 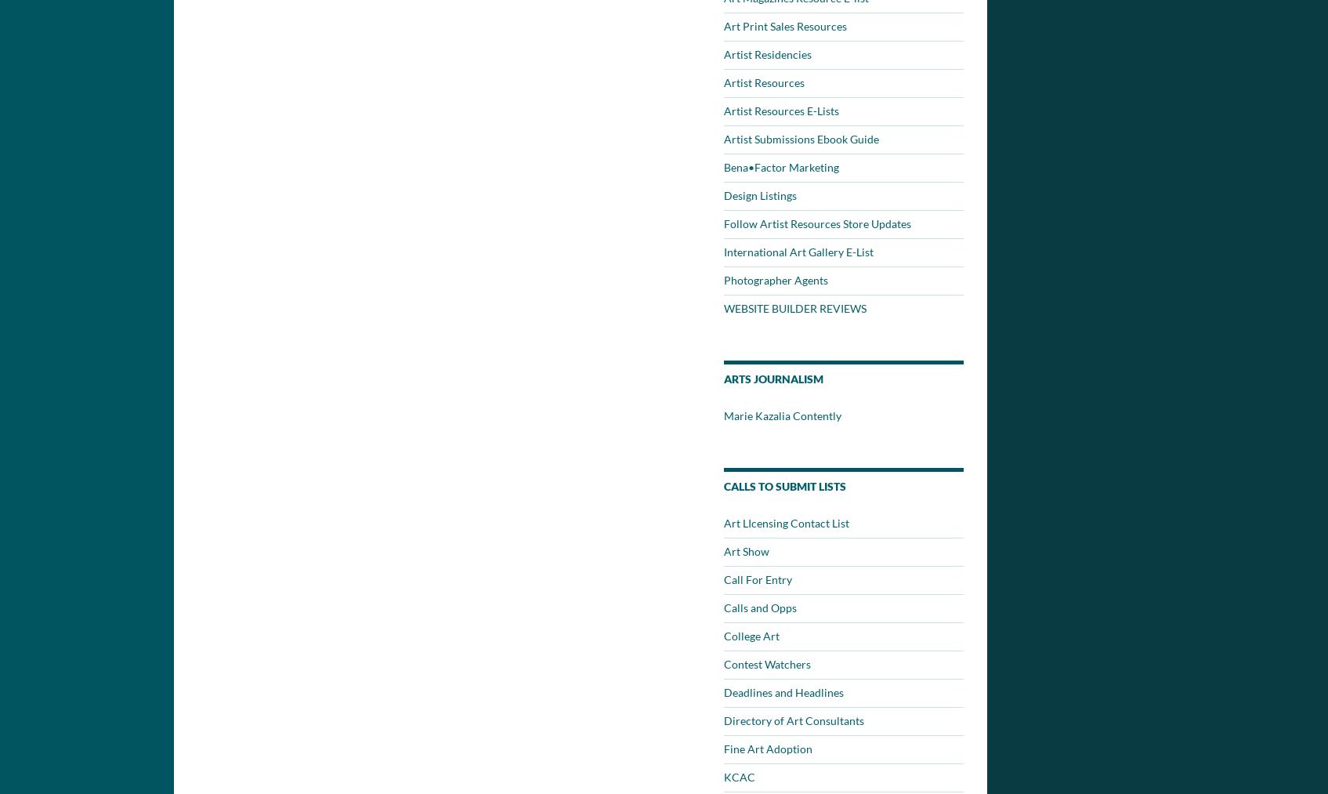 What do you see at coordinates (780, 111) in the screenshot?
I see `'Artist Resources E-Lists'` at bounding box center [780, 111].